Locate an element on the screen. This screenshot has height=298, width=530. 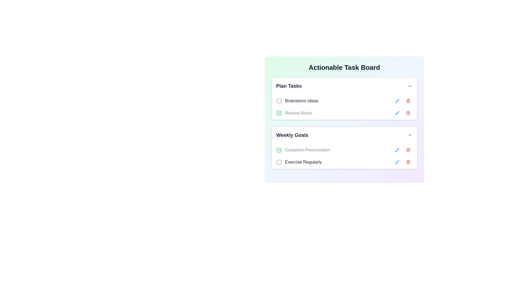
the vibrant red trash can icon button located at the top-right corner of a task item in the 'Plan Tasks' section is located at coordinates (408, 113).